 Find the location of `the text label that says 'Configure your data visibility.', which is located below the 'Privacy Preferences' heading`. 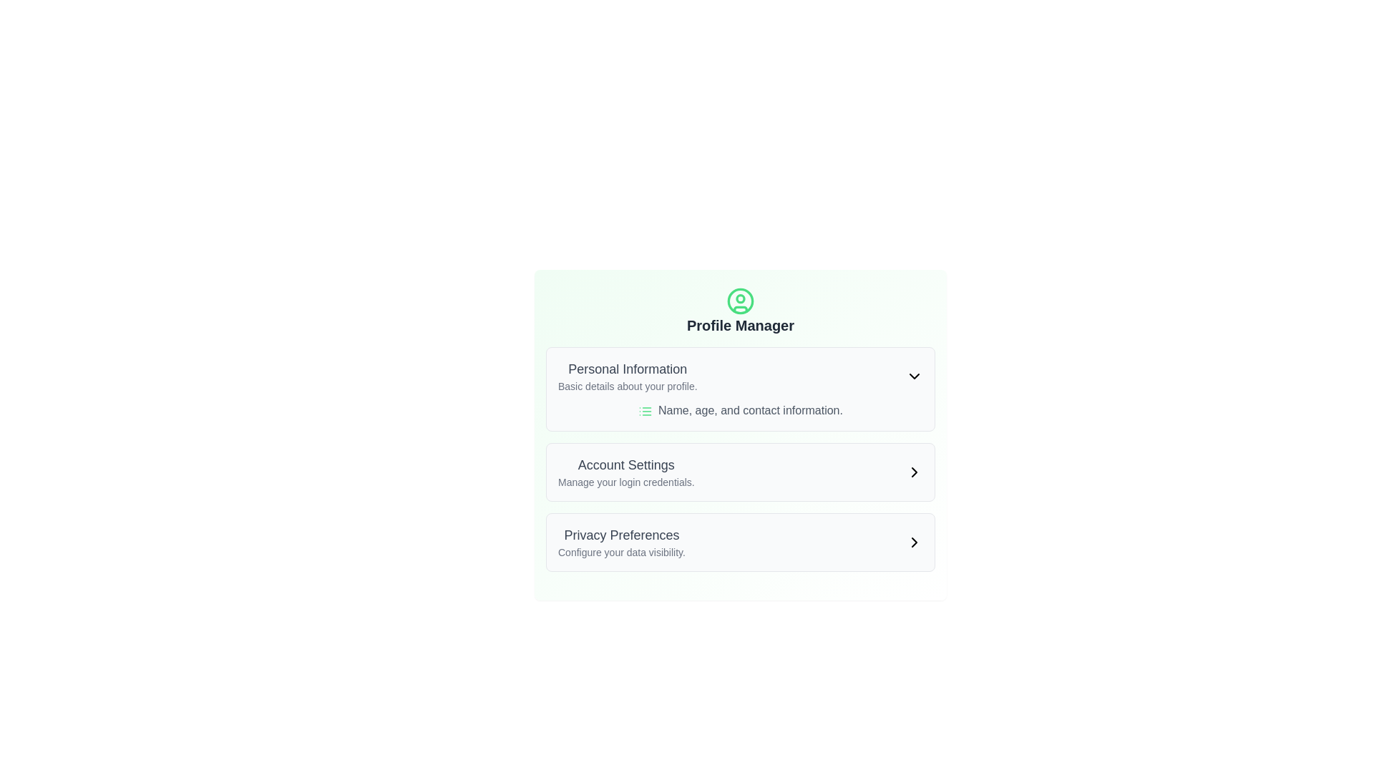

the text label that says 'Configure your data visibility.', which is located below the 'Privacy Preferences' heading is located at coordinates (621, 551).